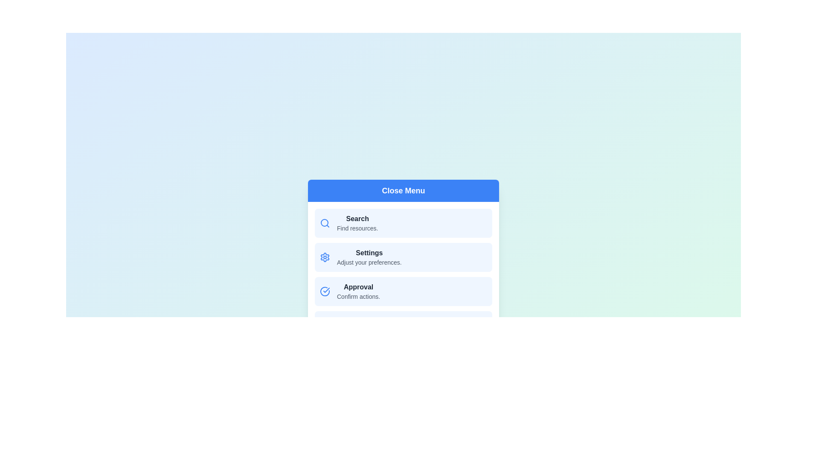  I want to click on the menu item corresponding to Settings, so click(403, 257).